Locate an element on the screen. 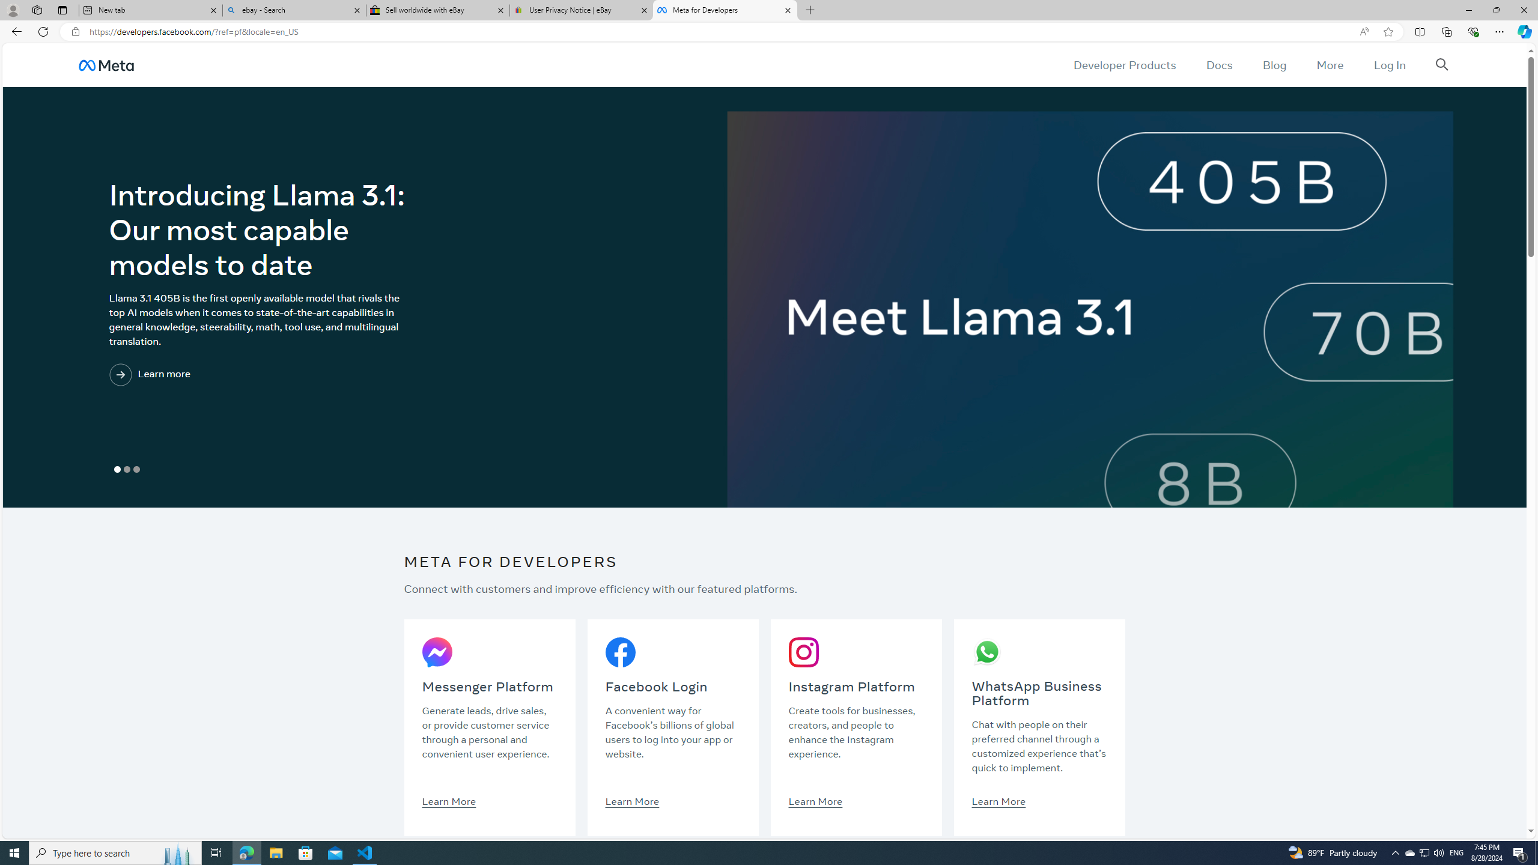  'Meta for Developers' is located at coordinates (723, 10).